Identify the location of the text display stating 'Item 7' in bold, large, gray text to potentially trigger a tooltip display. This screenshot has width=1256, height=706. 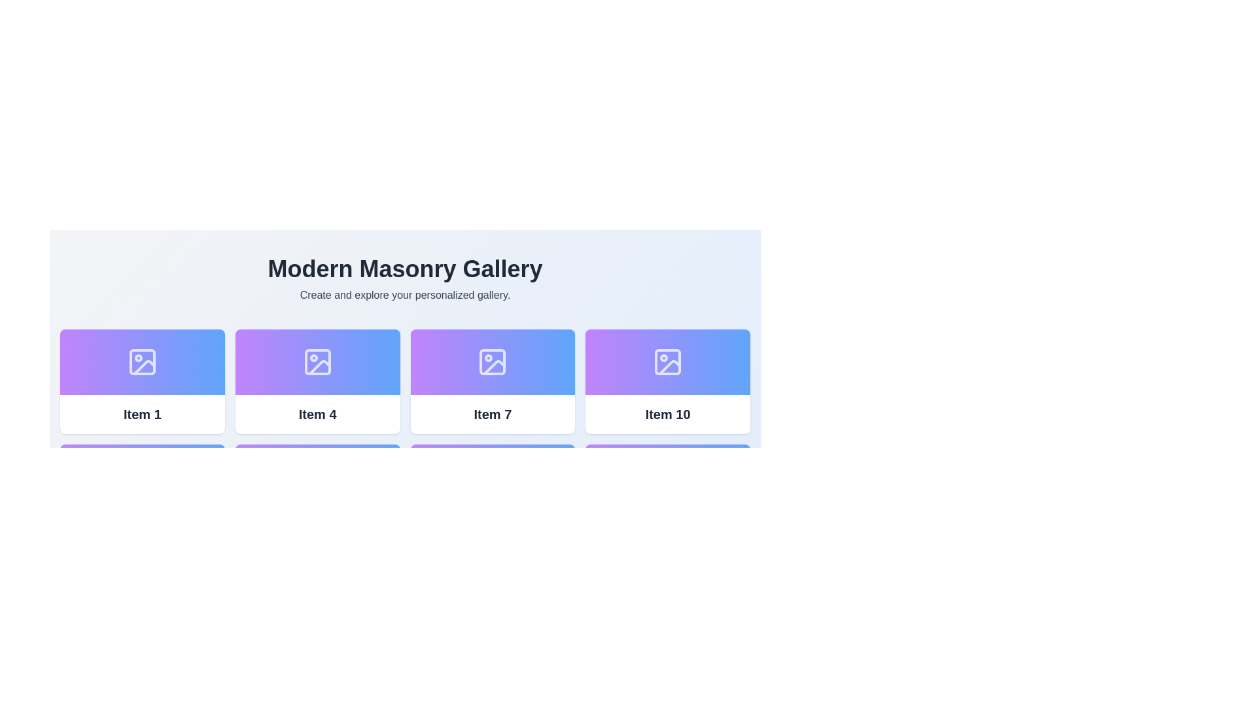
(492, 414).